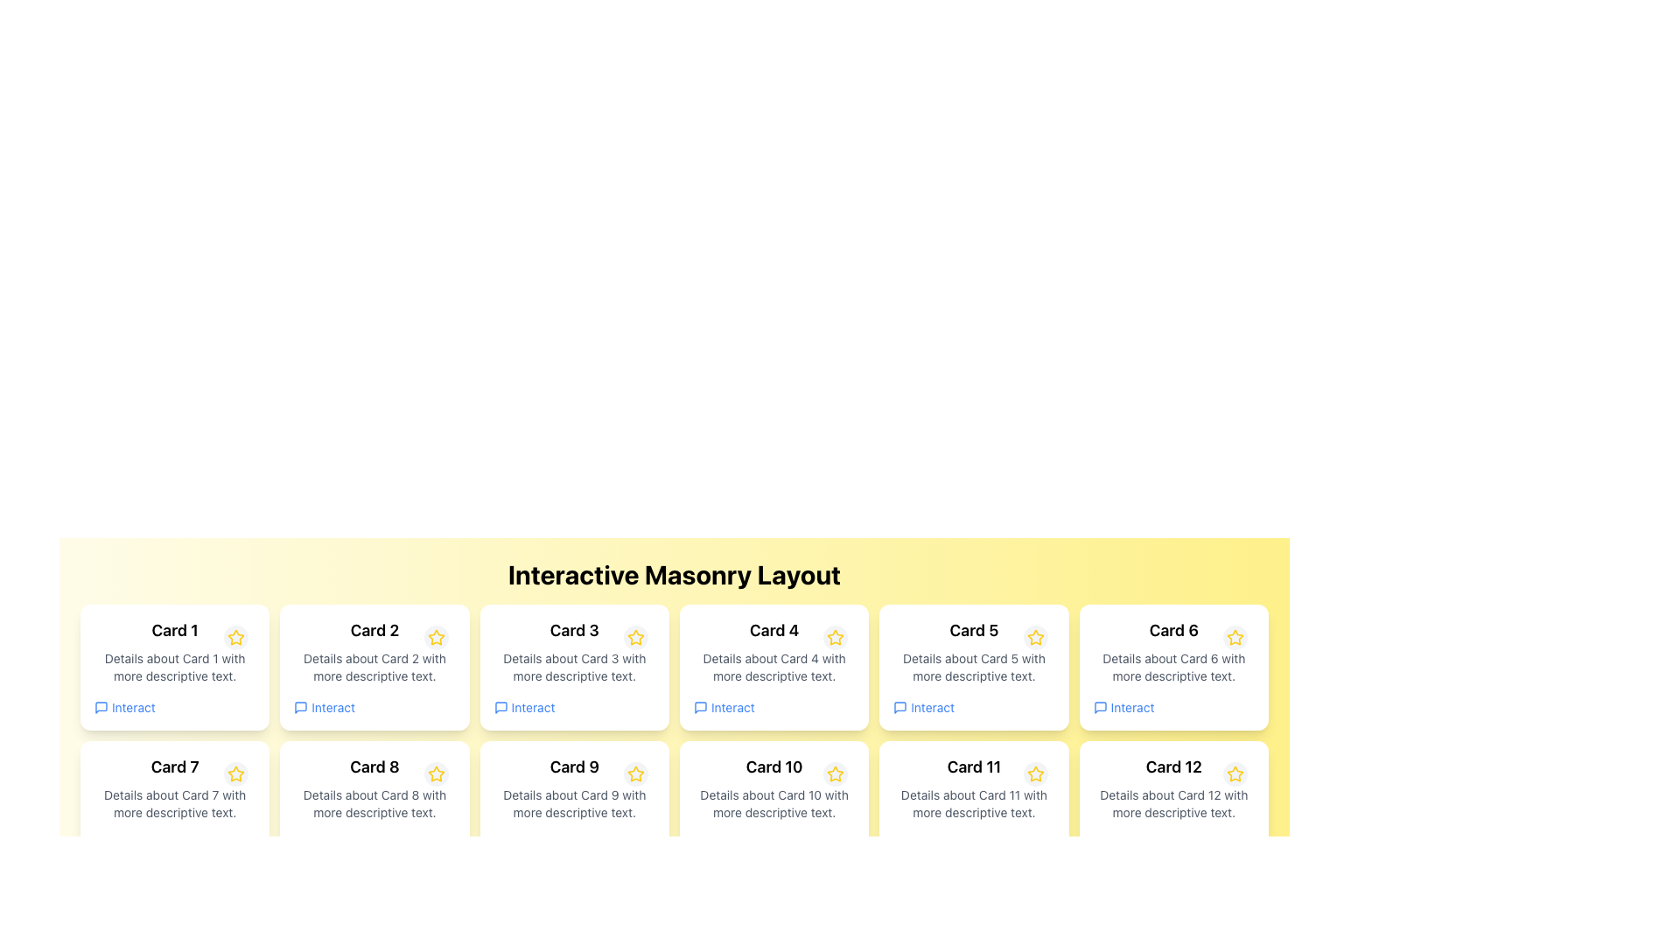 Image resolution: width=1680 pixels, height=945 pixels. Describe the element at coordinates (123, 707) in the screenshot. I see `the 'Interact' text link with icon, styled in blue, located` at that location.